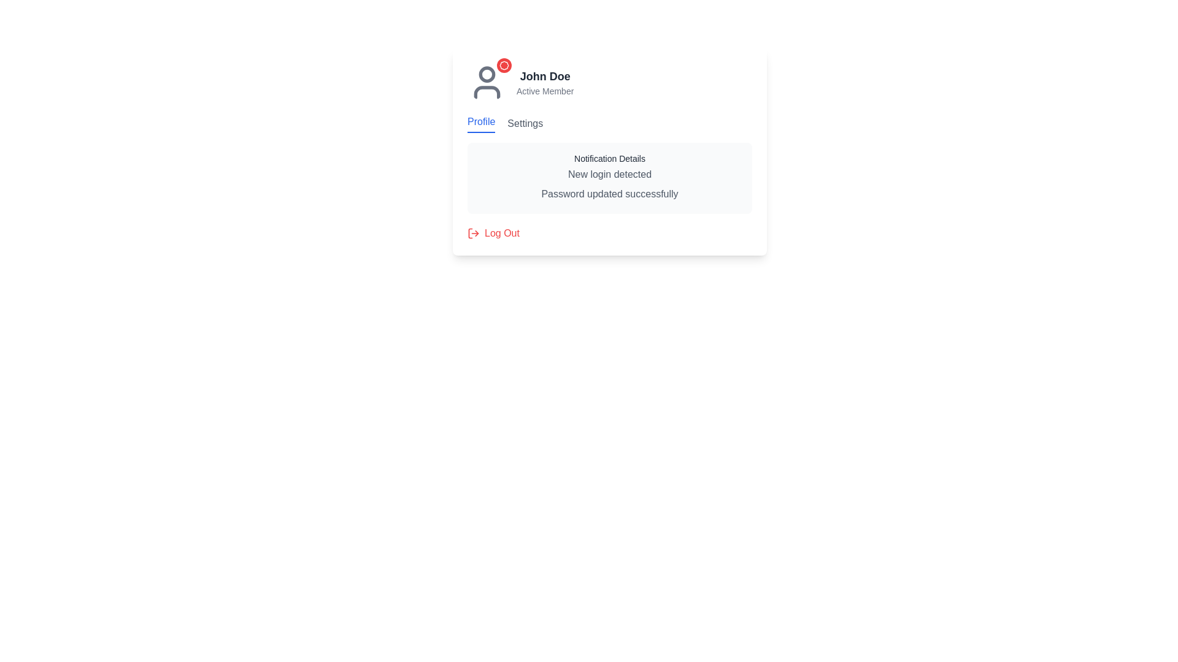 This screenshot has width=1178, height=662. What do you see at coordinates (504, 66) in the screenshot?
I see `the Notification badge located at the upper-right edge of the circular user profile icon, which indicates updates or alerts` at bounding box center [504, 66].